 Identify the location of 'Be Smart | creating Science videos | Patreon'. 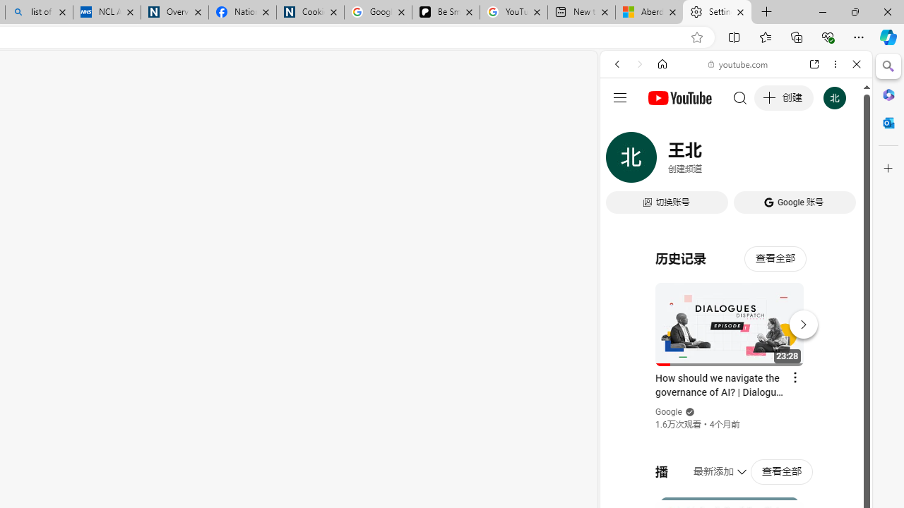
(445, 12).